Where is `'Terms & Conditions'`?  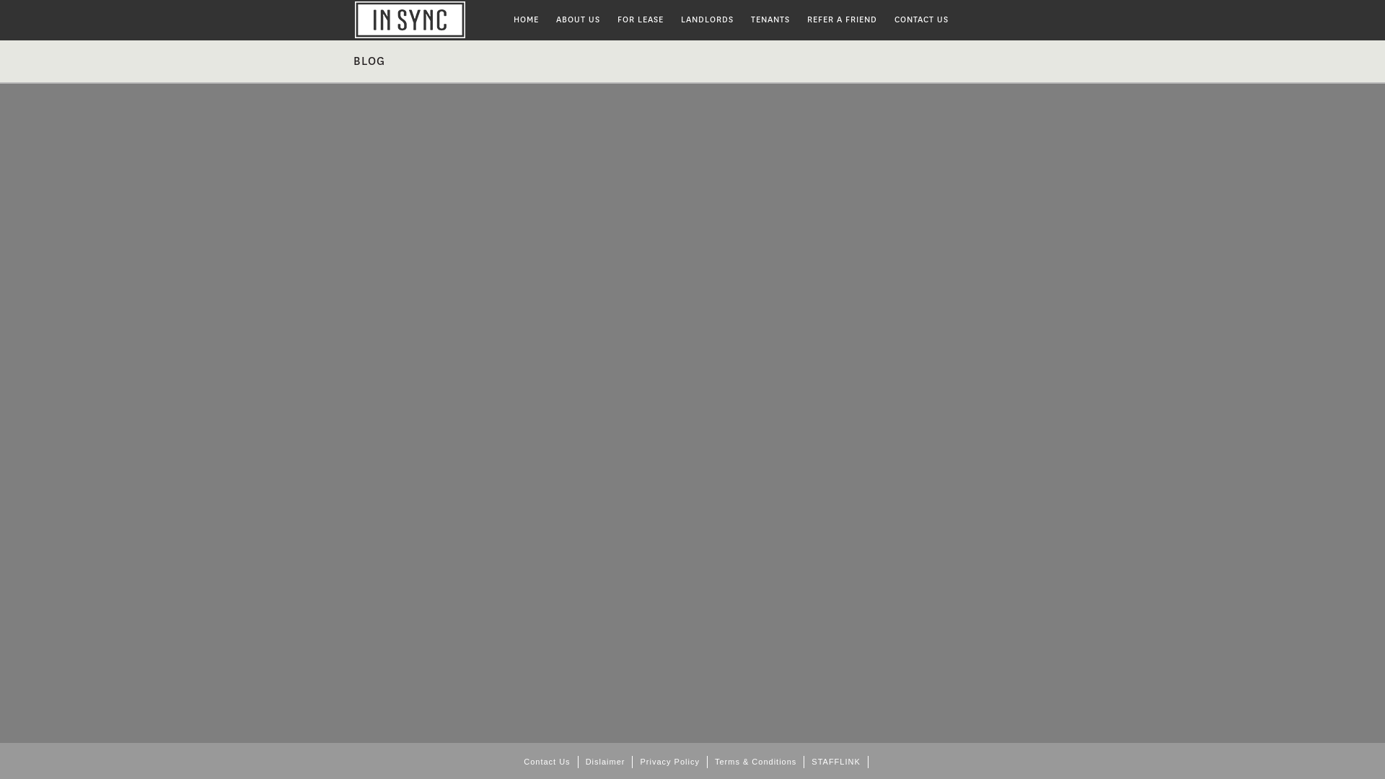
'Terms & Conditions' is located at coordinates (755, 761).